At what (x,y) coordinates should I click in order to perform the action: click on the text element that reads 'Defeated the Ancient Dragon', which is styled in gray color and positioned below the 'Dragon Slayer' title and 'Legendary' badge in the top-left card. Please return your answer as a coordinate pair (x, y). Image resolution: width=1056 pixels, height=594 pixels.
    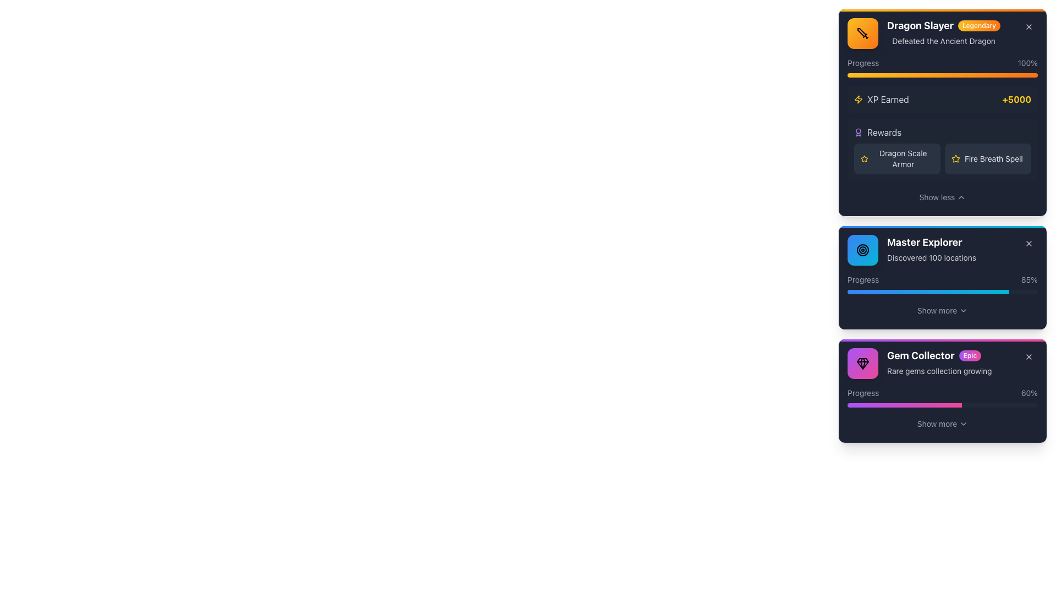
    Looking at the image, I should click on (943, 40).